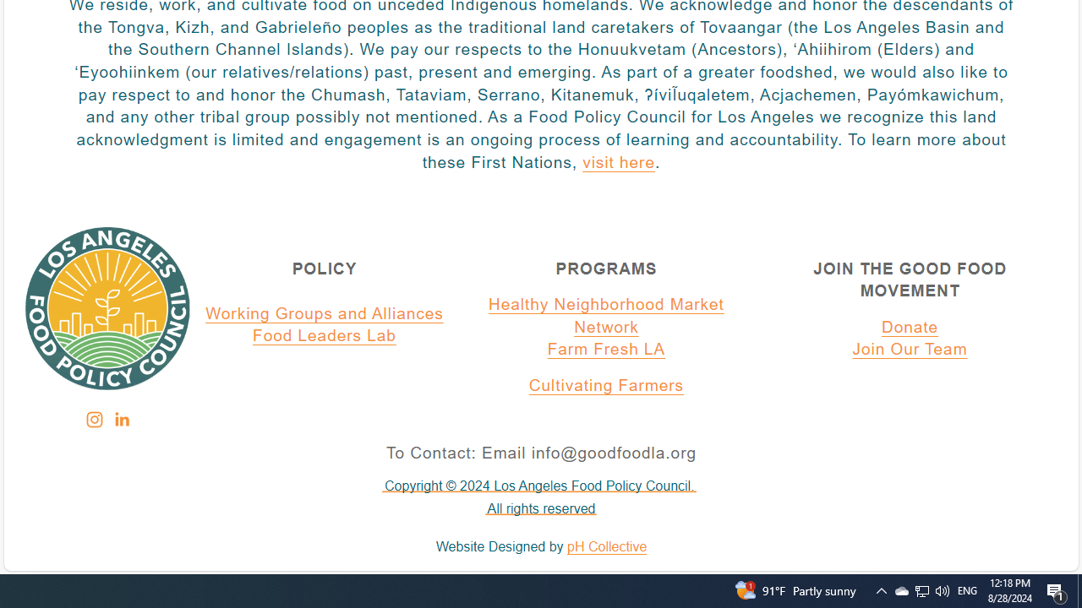 Image resolution: width=1082 pixels, height=608 pixels. What do you see at coordinates (93, 419) in the screenshot?
I see `'Instagram'` at bounding box center [93, 419].